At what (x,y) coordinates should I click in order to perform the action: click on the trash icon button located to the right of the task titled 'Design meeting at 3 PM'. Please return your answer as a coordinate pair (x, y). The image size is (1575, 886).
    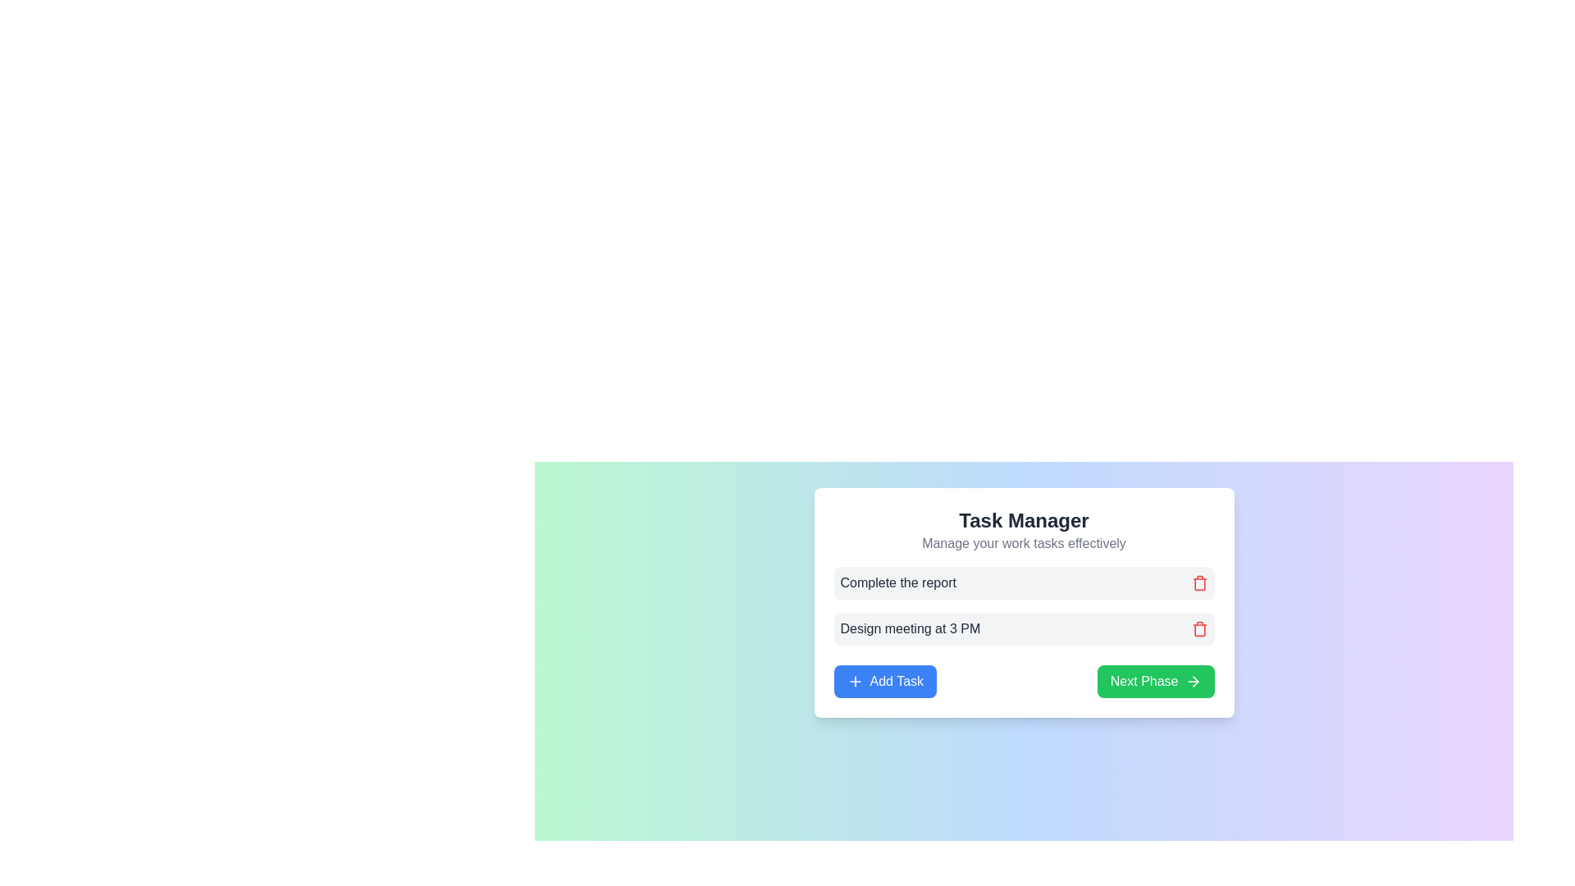
    Looking at the image, I should click on (1199, 628).